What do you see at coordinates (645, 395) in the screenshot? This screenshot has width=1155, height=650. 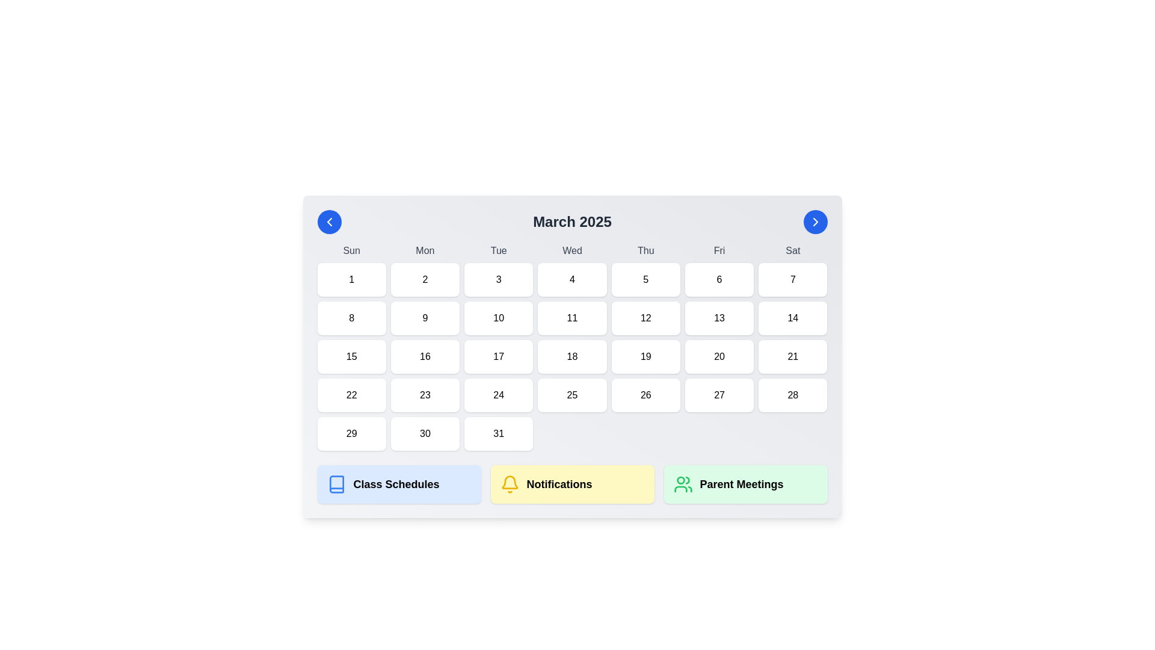 I see `the grid cell displaying the date '26' under the header 'March 2025' in the Thursday column` at bounding box center [645, 395].